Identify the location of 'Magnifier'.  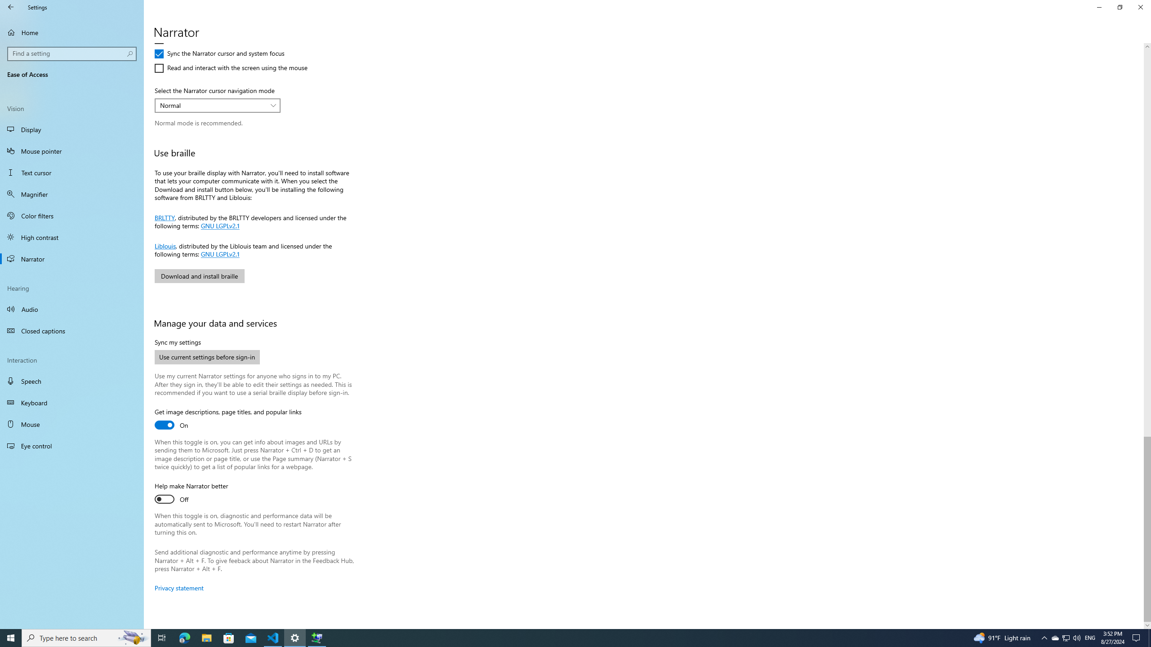
(71, 194).